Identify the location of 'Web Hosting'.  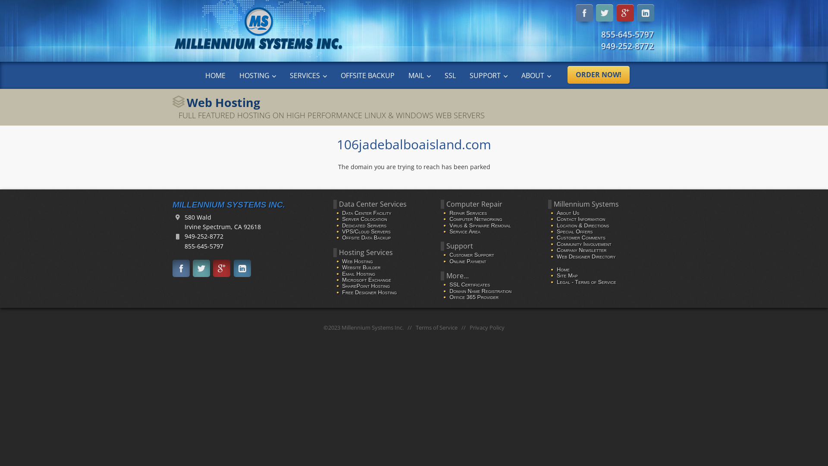
(357, 261).